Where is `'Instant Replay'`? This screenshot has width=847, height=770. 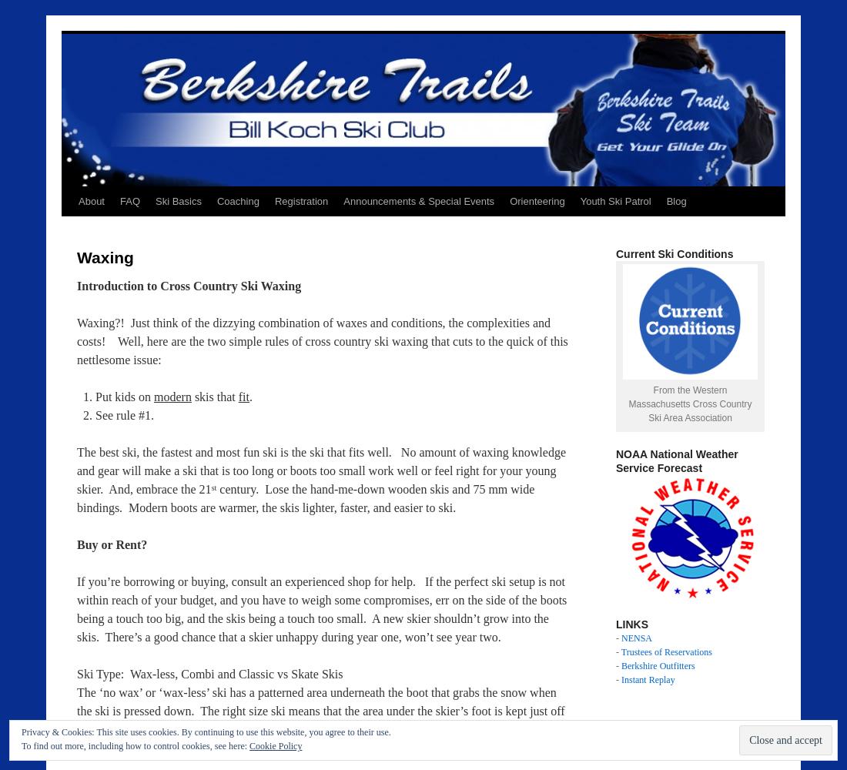
'Instant Replay' is located at coordinates (647, 680).